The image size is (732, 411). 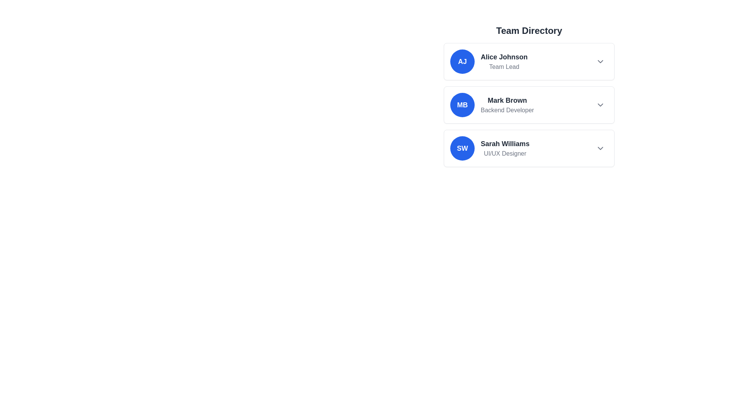 I want to click on the text label displaying 'Backend Developer' in gray color, which is located directly below 'Mark Brown', so click(x=507, y=110).